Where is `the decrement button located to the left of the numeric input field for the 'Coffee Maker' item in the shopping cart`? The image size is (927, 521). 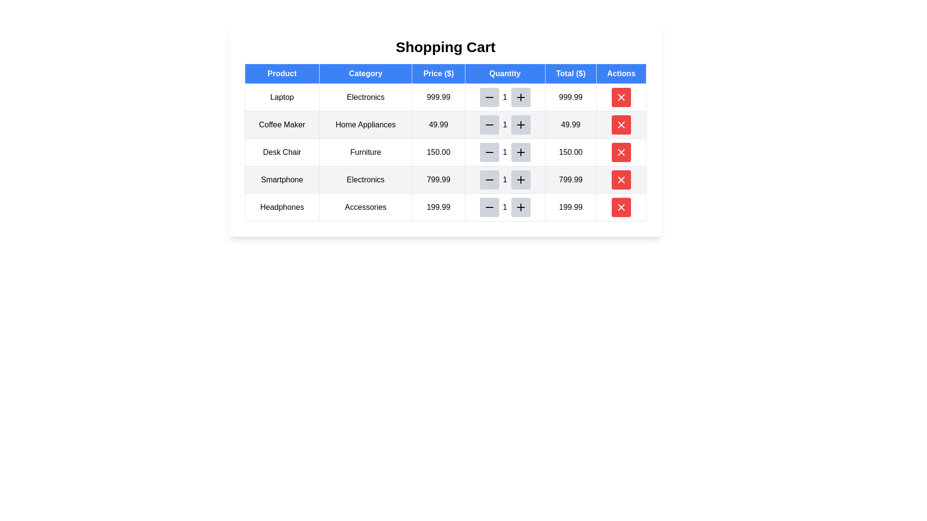 the decrement button located to the left of the numeric input field for the 'Coffee Maker' item in the shopping cart is located at coordinates (489, 124).